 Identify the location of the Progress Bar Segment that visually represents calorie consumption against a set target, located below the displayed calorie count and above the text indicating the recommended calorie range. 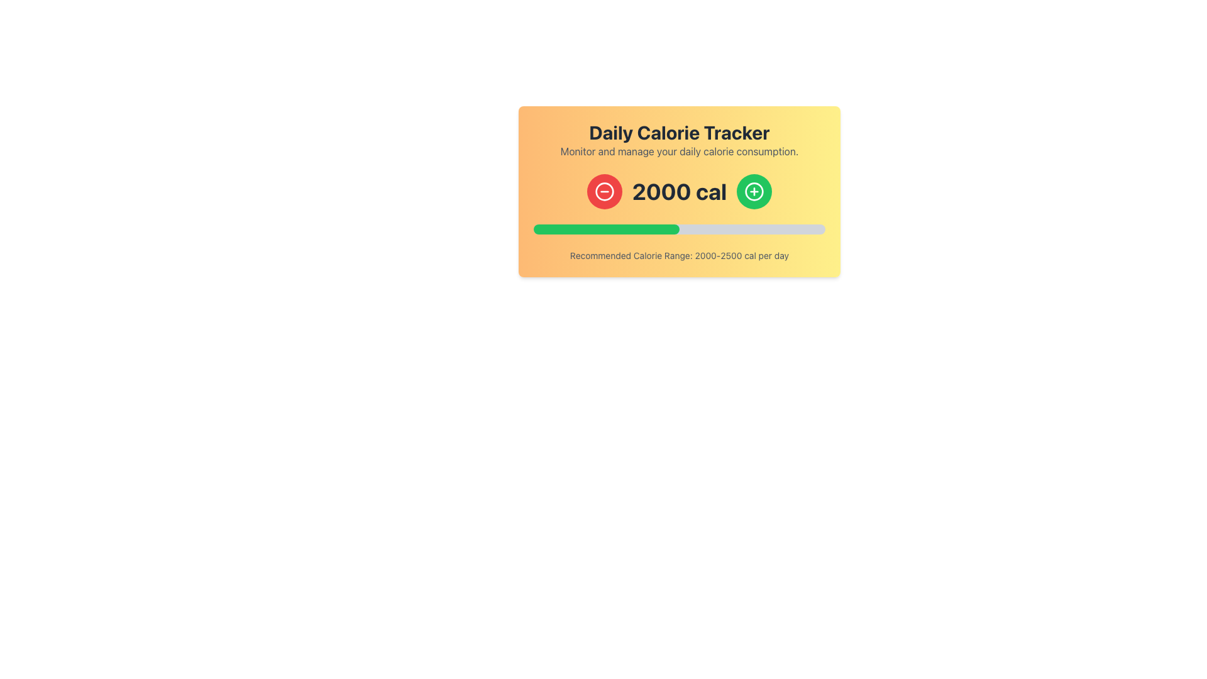
(606, 229).